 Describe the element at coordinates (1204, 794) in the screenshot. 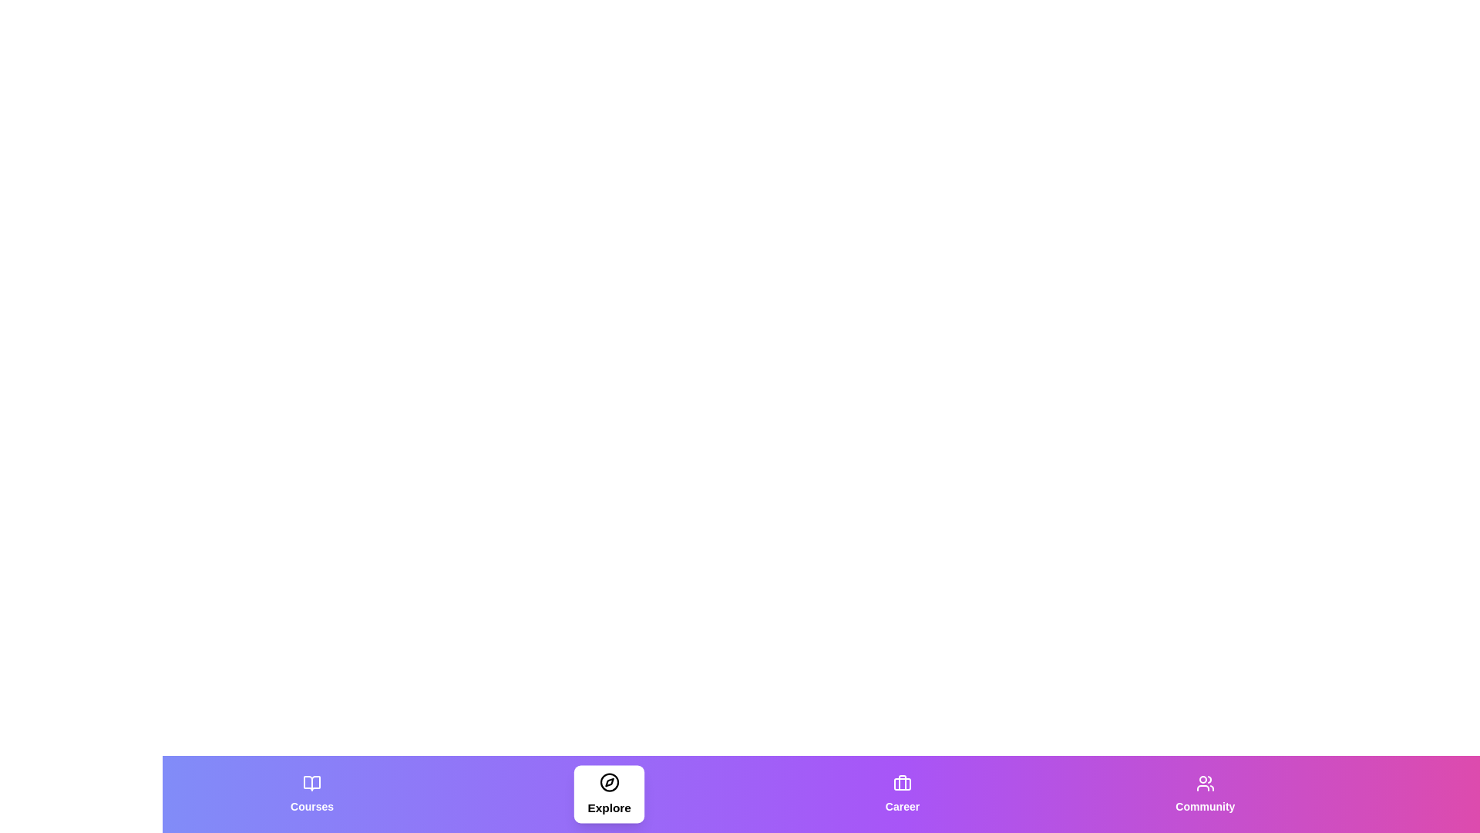

I see `the tab labeled Community to observe its hover effect` at that location.